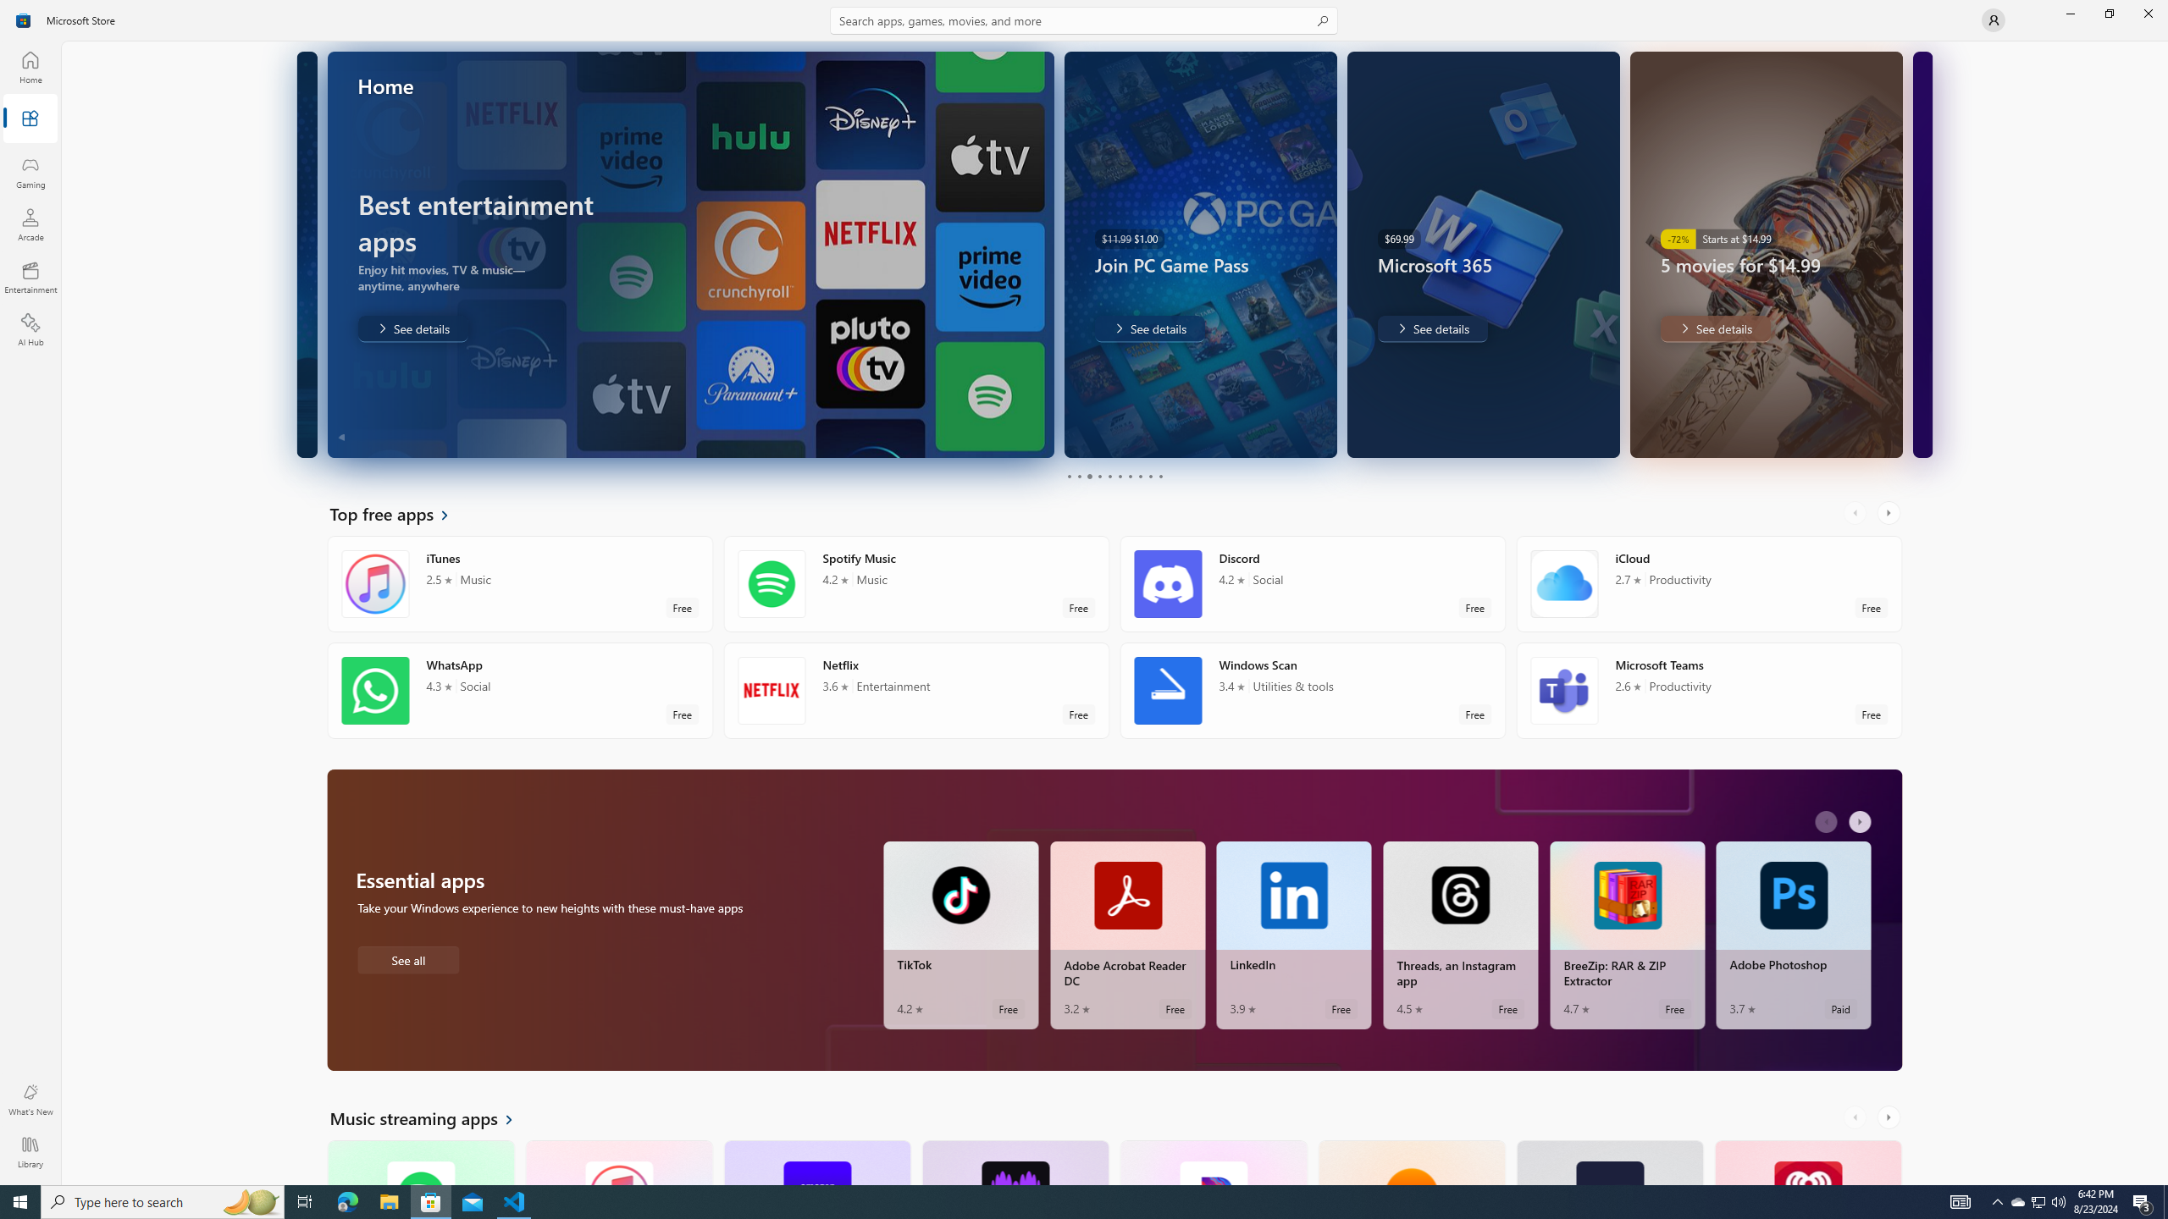 Image resolution: width=2168 pixels, height=1219 pixels. I want to click on 'Page 4', so click(1098, 476).